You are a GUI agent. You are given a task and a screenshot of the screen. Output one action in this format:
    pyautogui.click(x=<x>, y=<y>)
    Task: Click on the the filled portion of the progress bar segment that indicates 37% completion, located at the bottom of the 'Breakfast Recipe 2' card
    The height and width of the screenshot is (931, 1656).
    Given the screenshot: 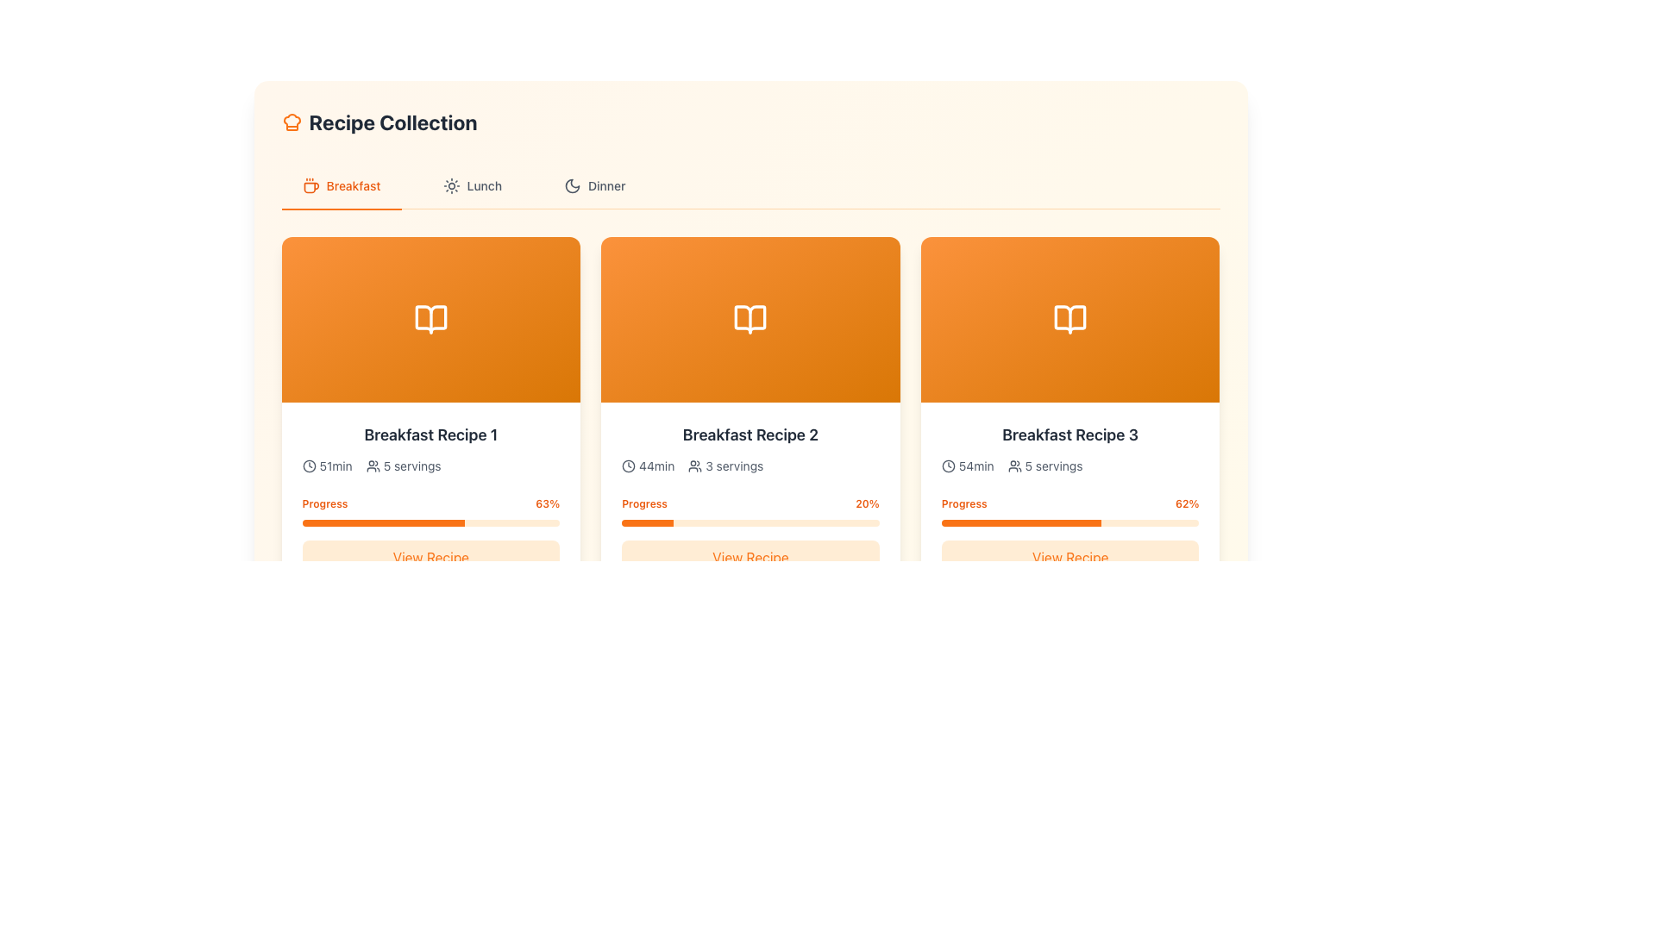 What is the action you would take?
    pyautogui.click(x=348, y=901)
    